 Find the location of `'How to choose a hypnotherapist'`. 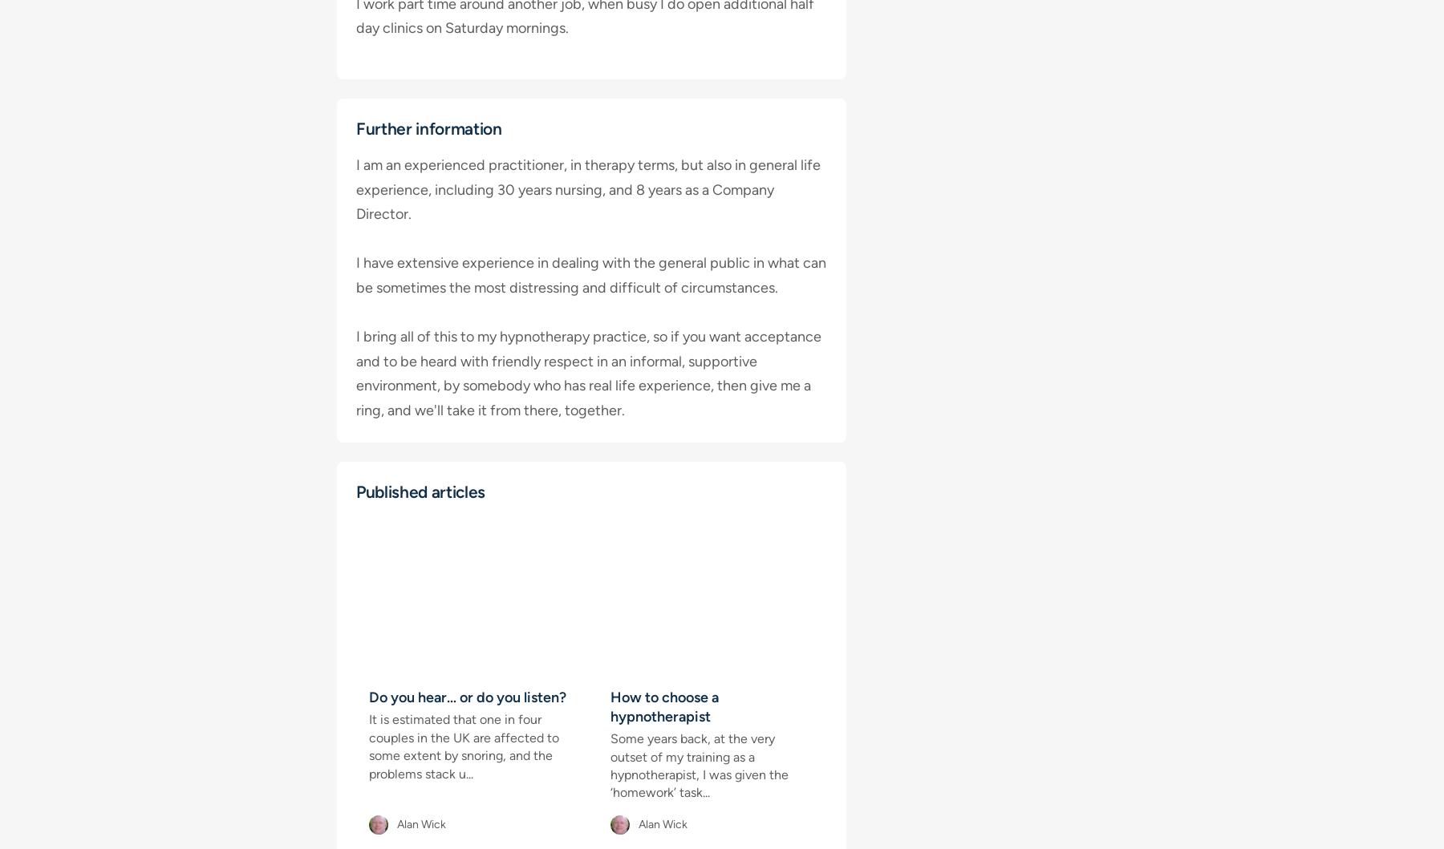

'How to choose a hypnotherapist' is located at coordinates (664, 707).